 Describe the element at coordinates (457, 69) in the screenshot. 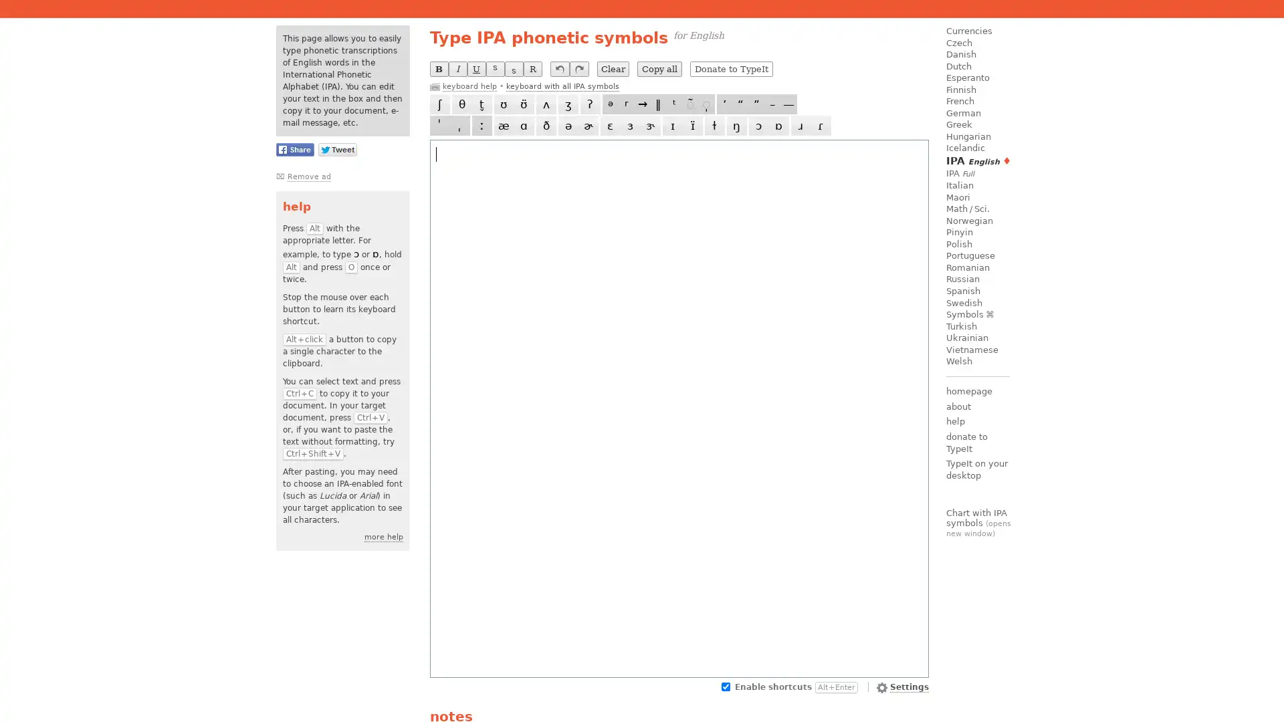

I see `I` at that location.